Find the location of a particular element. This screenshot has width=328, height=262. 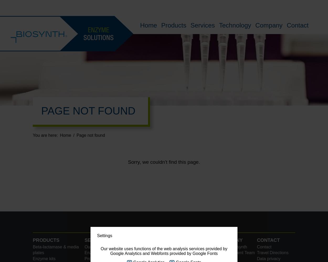

'Enzyme kits' is located at coordinates (33, 258).